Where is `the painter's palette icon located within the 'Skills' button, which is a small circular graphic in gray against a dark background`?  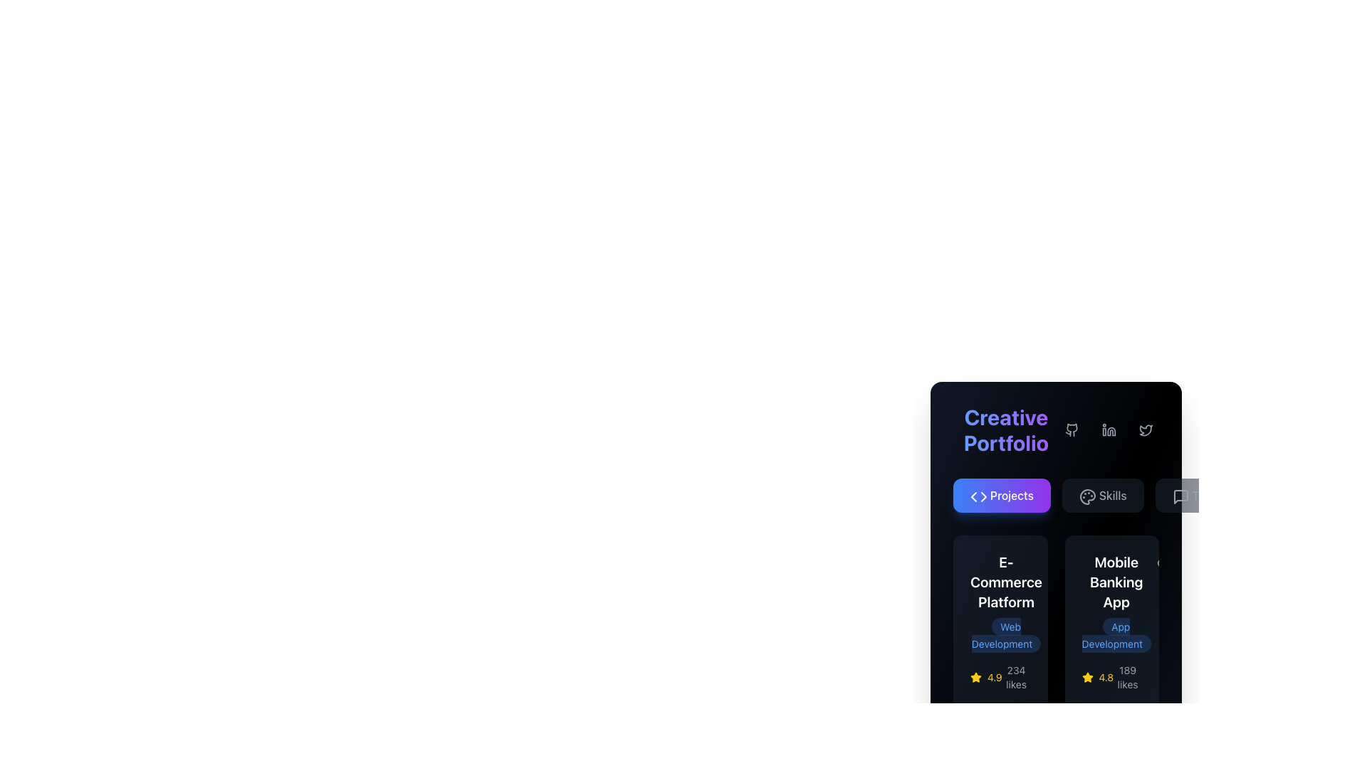
the painter's palette icon located within the 'Skills' button, which is a small circular graphic in gray against a dark background is located at coordinates (1085, 495).